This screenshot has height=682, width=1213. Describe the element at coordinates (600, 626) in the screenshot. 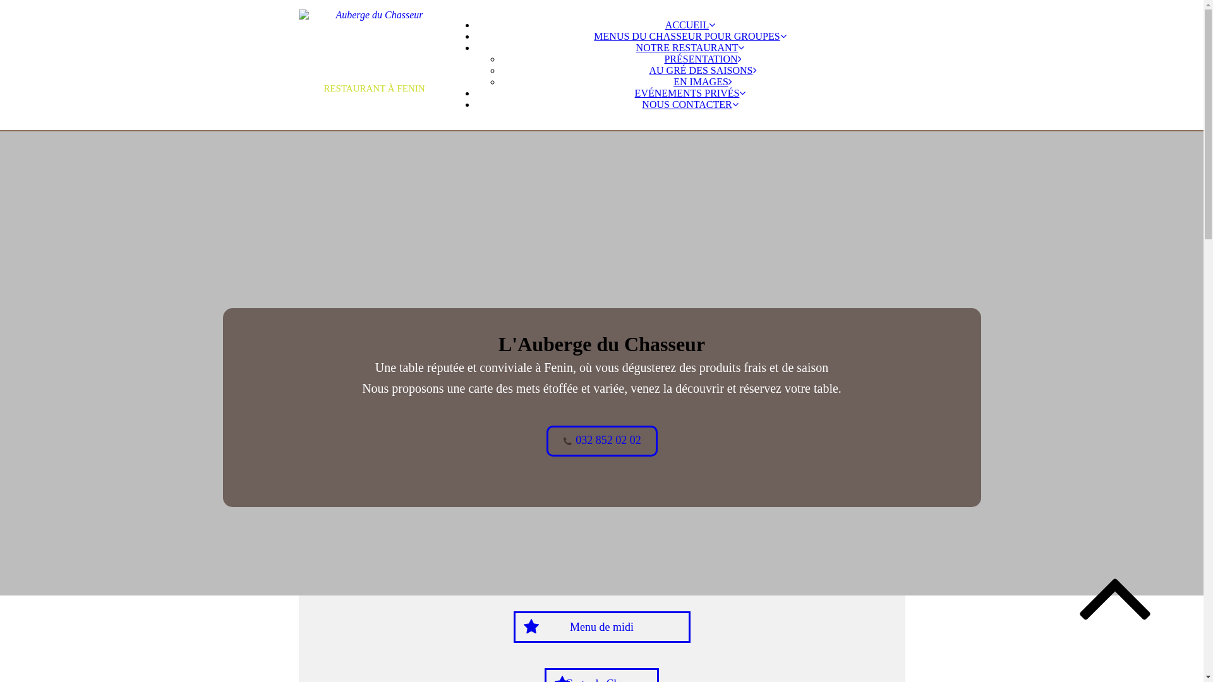

I see `'Menu de midi'` at that location.